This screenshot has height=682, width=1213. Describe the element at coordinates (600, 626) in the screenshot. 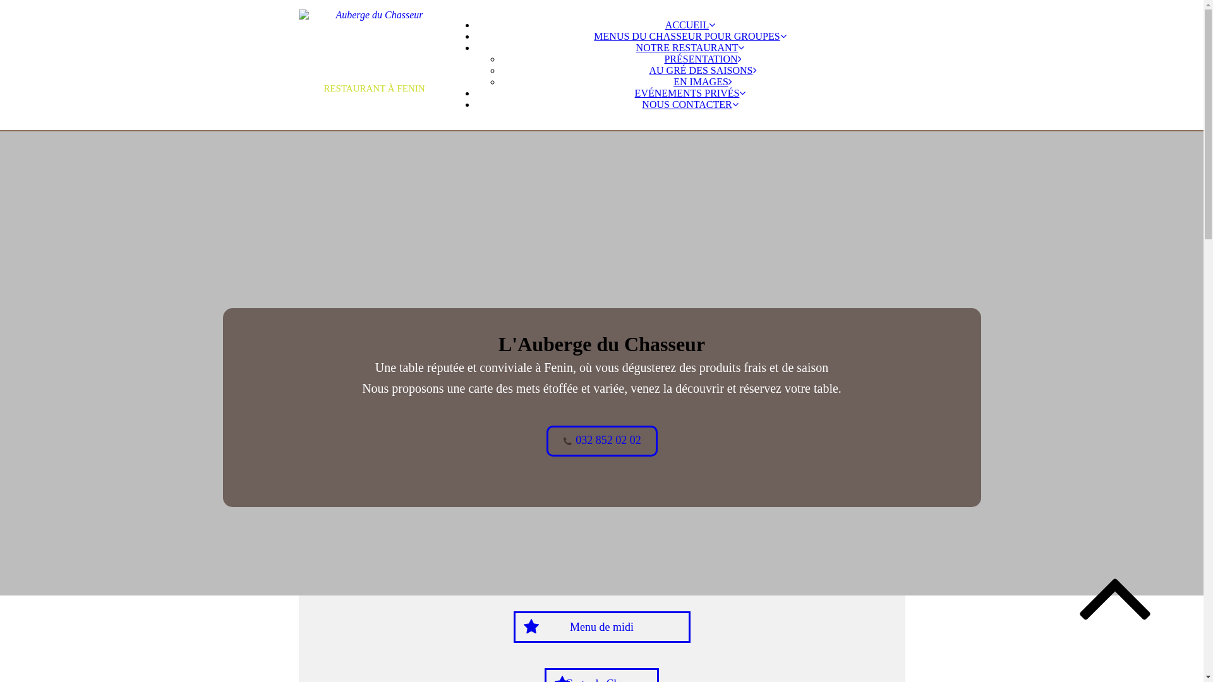

I see `'Menu de midi'` at that location.